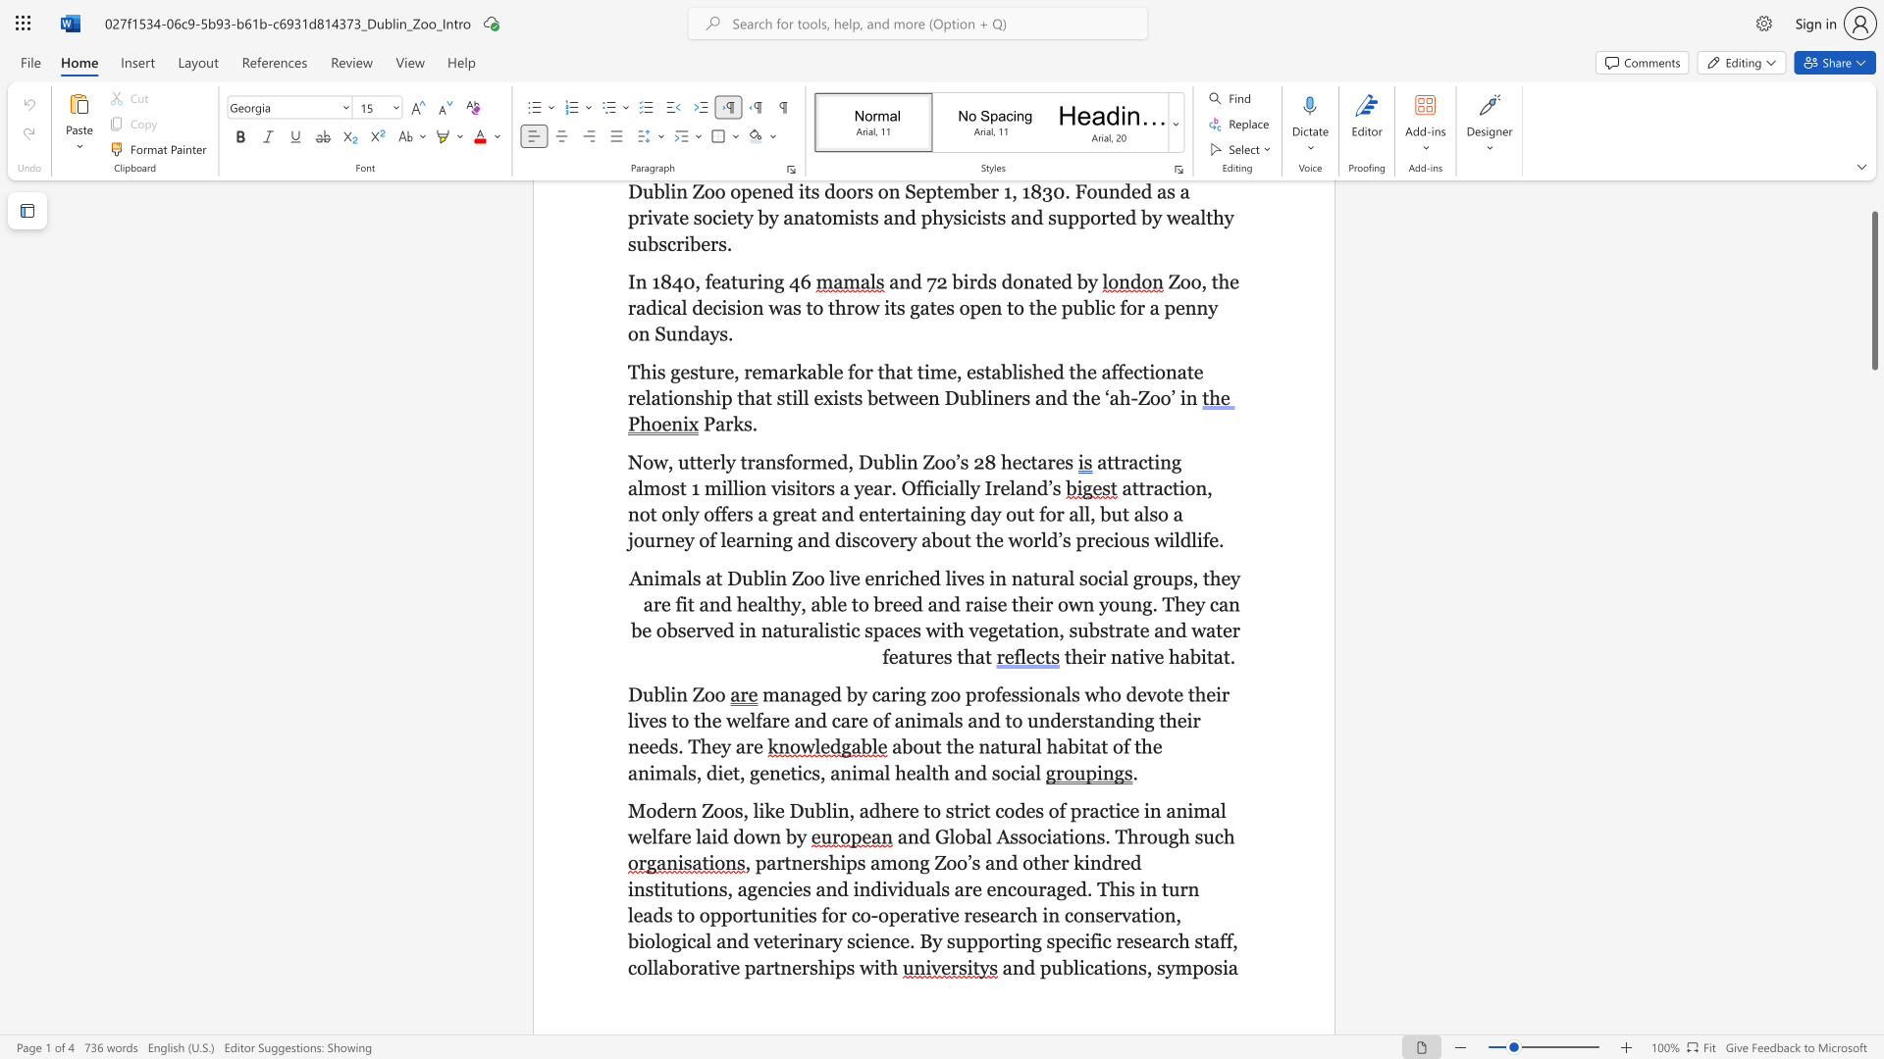  What do you see at coordinates (1077, 966) in the screenshot?
I see `the subset text "ication" within the text "and publications,"` at bounding box center [1077, 966].